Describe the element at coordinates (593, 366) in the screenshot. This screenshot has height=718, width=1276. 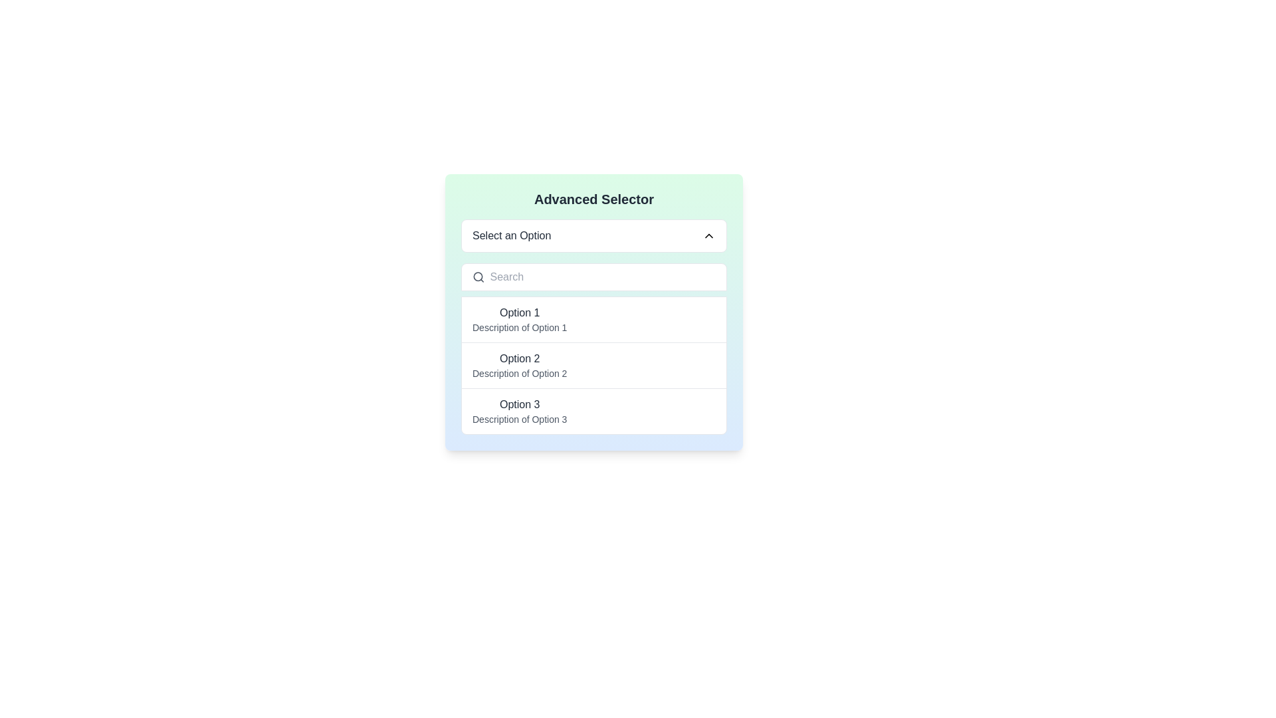
I see `the Dropdown Menu List located below the 'Advanced Selector' title` at that location.